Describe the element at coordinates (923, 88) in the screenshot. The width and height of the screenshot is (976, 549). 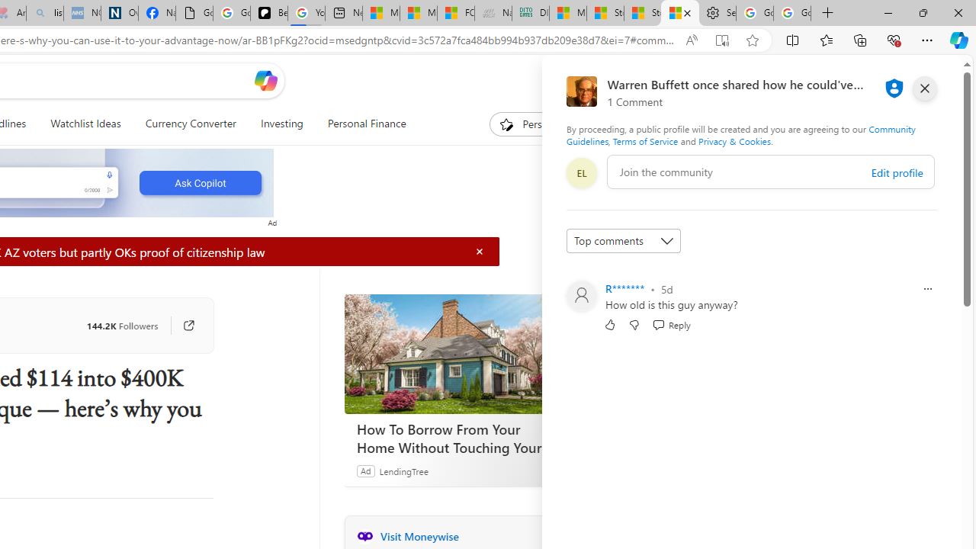
I see `'close'` at that location.